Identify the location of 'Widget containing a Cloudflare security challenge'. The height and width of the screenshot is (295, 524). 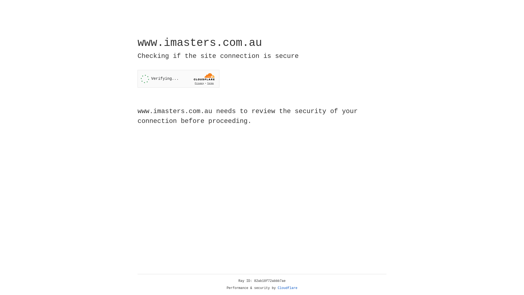
(178, 79).